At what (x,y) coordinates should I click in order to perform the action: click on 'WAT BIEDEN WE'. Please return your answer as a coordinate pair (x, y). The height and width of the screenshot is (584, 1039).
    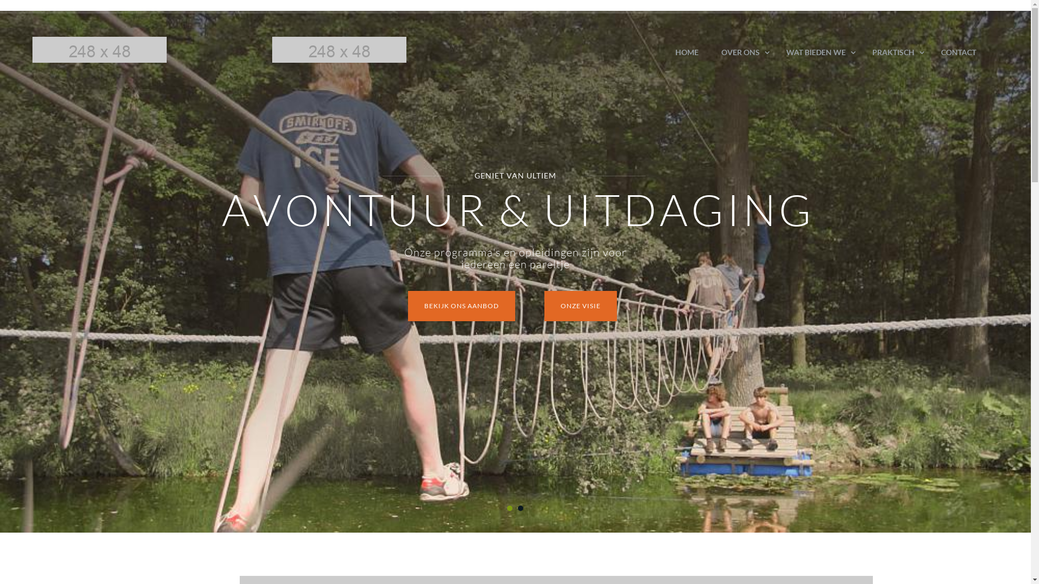
    Looking at the image, I should click on (774, 52).